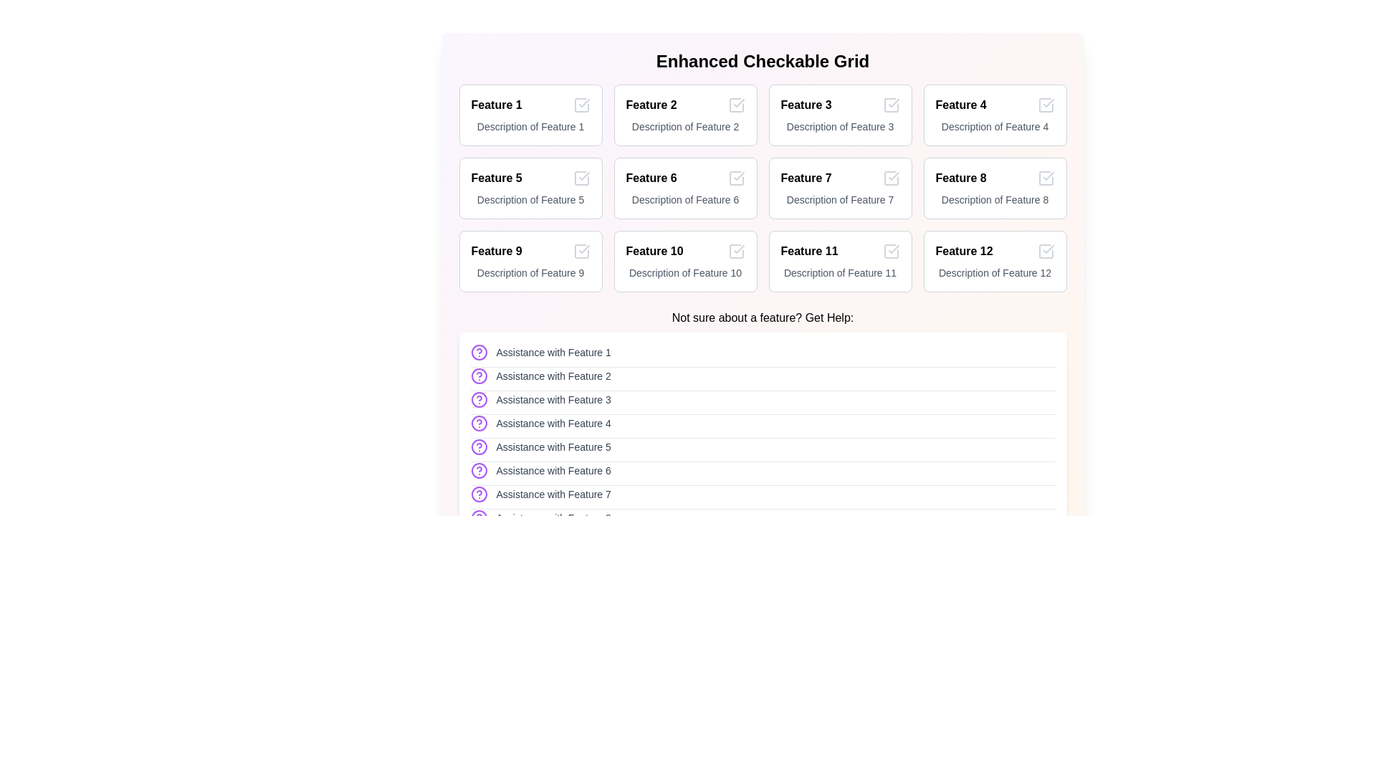  What do you see at coordinates (530, 115) in the screenshot?
I see `the grid item labeled 'Feature 1' to preview its hover effect` at bounding box center [530, 115].